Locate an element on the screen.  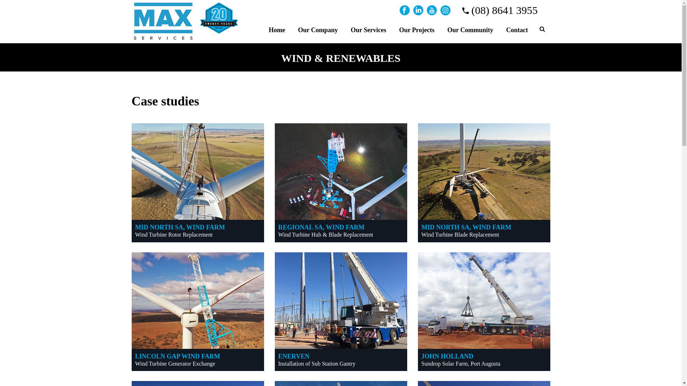
'Home' is located at coordinates (276, 29).